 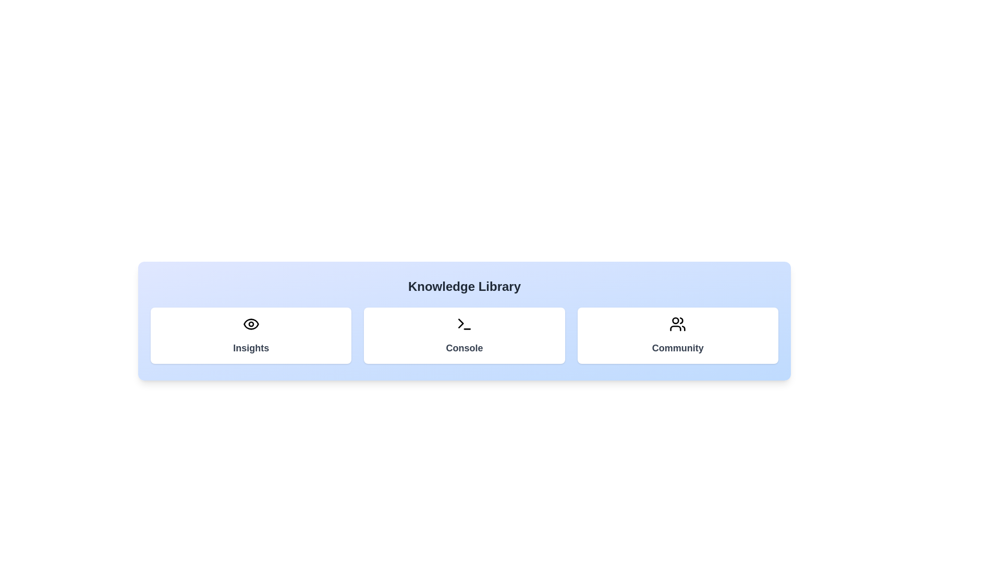 What do you see at coordinates (251, 323) in the screenshot?
I see `the eye-shaped icon within the 'Insights' card, which is positioned under the 'Knowledge Library' heading` at bounding box center [251, 323].